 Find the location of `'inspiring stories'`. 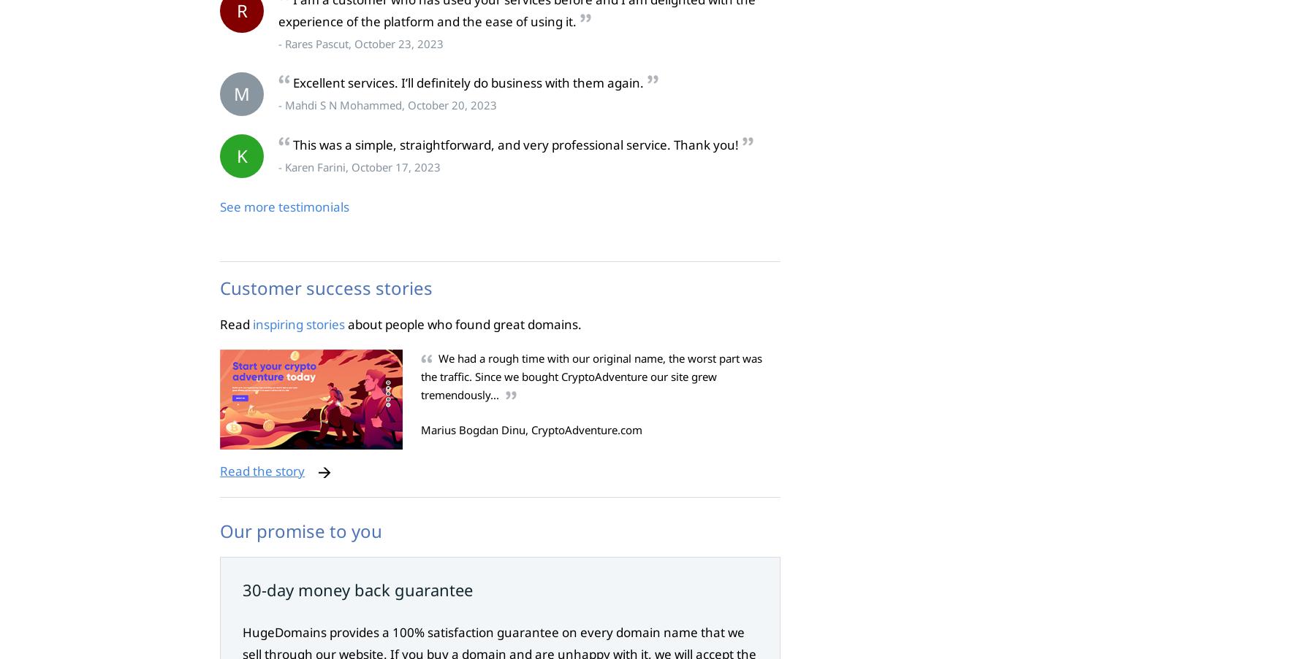

'inspiring stories' is located at coordinates (298, 323).